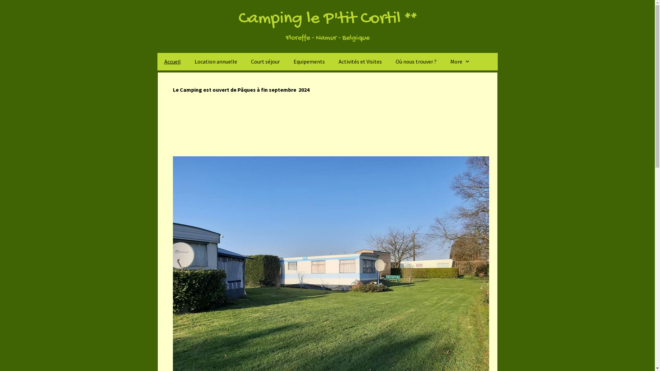 This screenshot has height=371, width=660. Describe the element at coordinates (188, 61) in the screenshot. I see `'Location annuelle'` at that location.